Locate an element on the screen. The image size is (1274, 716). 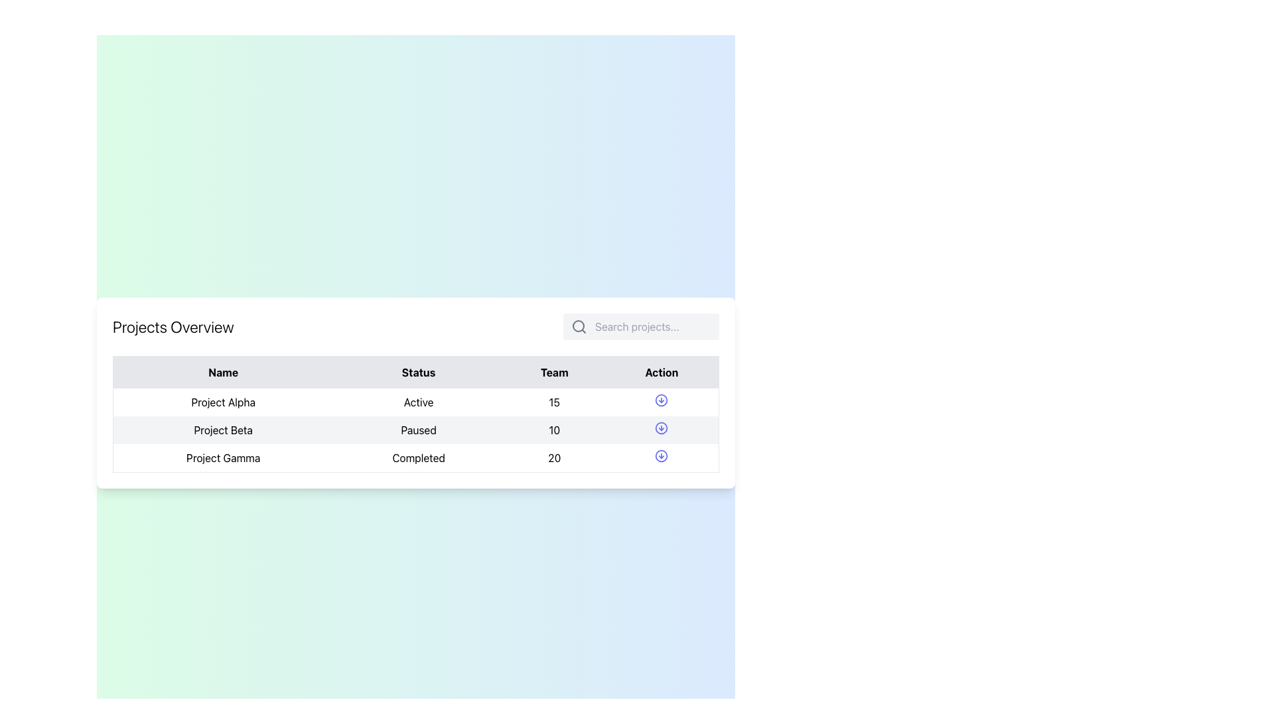
displayed text 'Active' from the Text Label indicating the status of the project in the second column of the first row of the project overview table is located at coordinates (415, 401).